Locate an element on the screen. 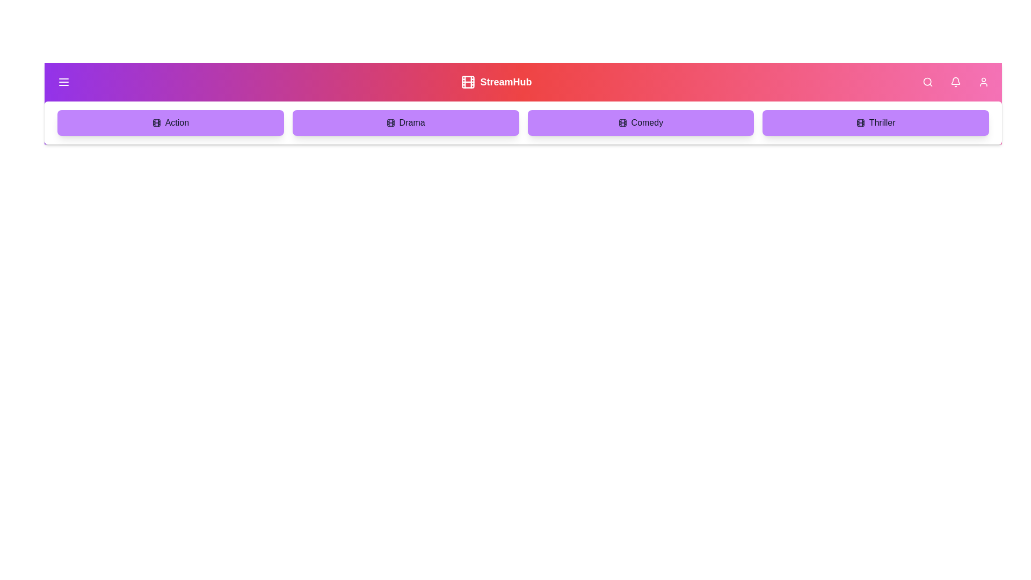  the notification bell icon button is located at coordinates (956, 82).